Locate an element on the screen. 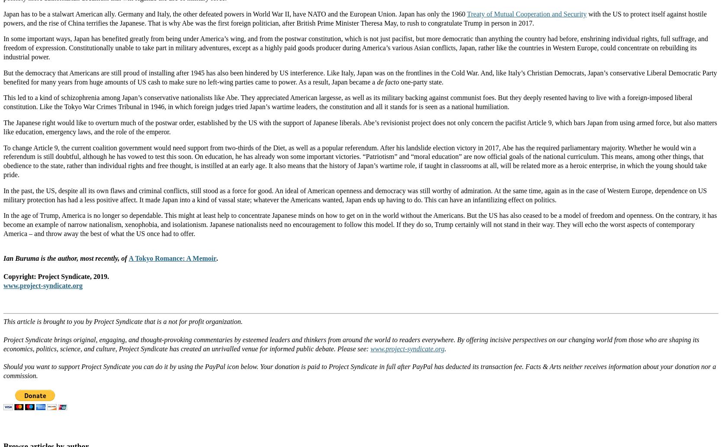  'de facto' is located at coordinates (376, 81).